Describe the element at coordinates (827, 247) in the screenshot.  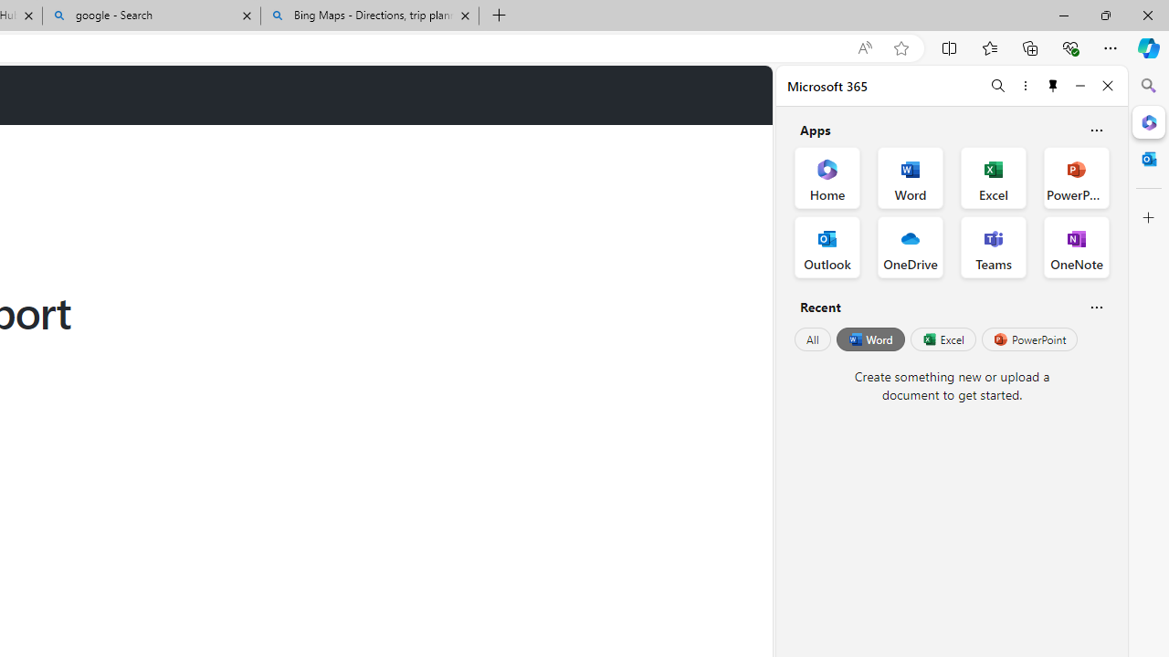
I see `'Outlook Office App'` at that location.